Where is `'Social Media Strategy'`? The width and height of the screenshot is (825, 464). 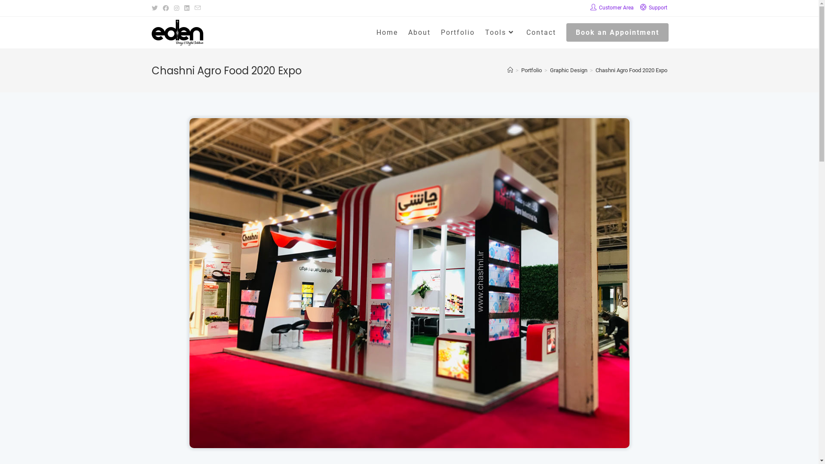 'Social Media Strategy' is located at coordinates (474, 421).